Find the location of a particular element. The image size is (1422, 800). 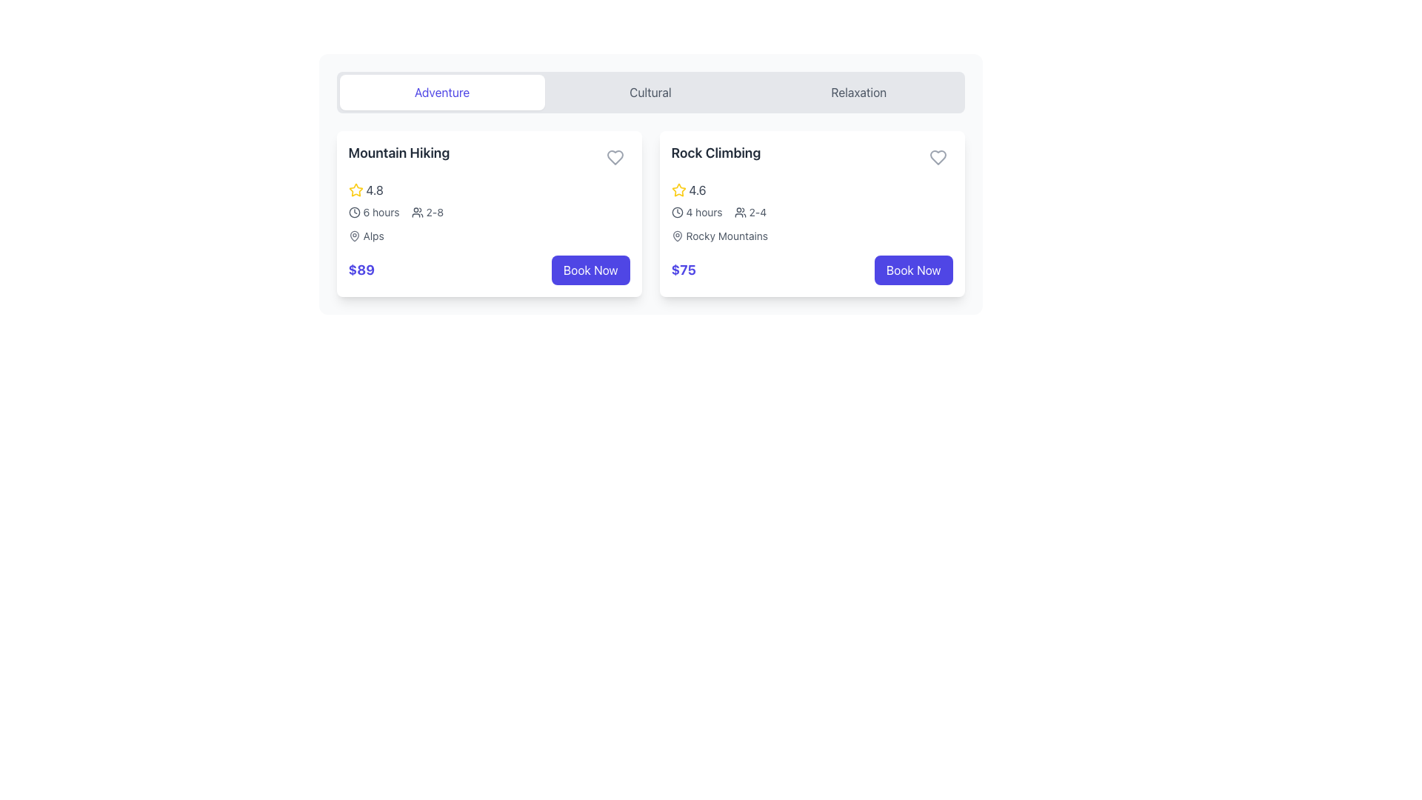

the heart-shaped icon button with a light gray background to mark it as favorite, located to the right of the 'Rock Climbing' section is located at coordinates (937, 157).